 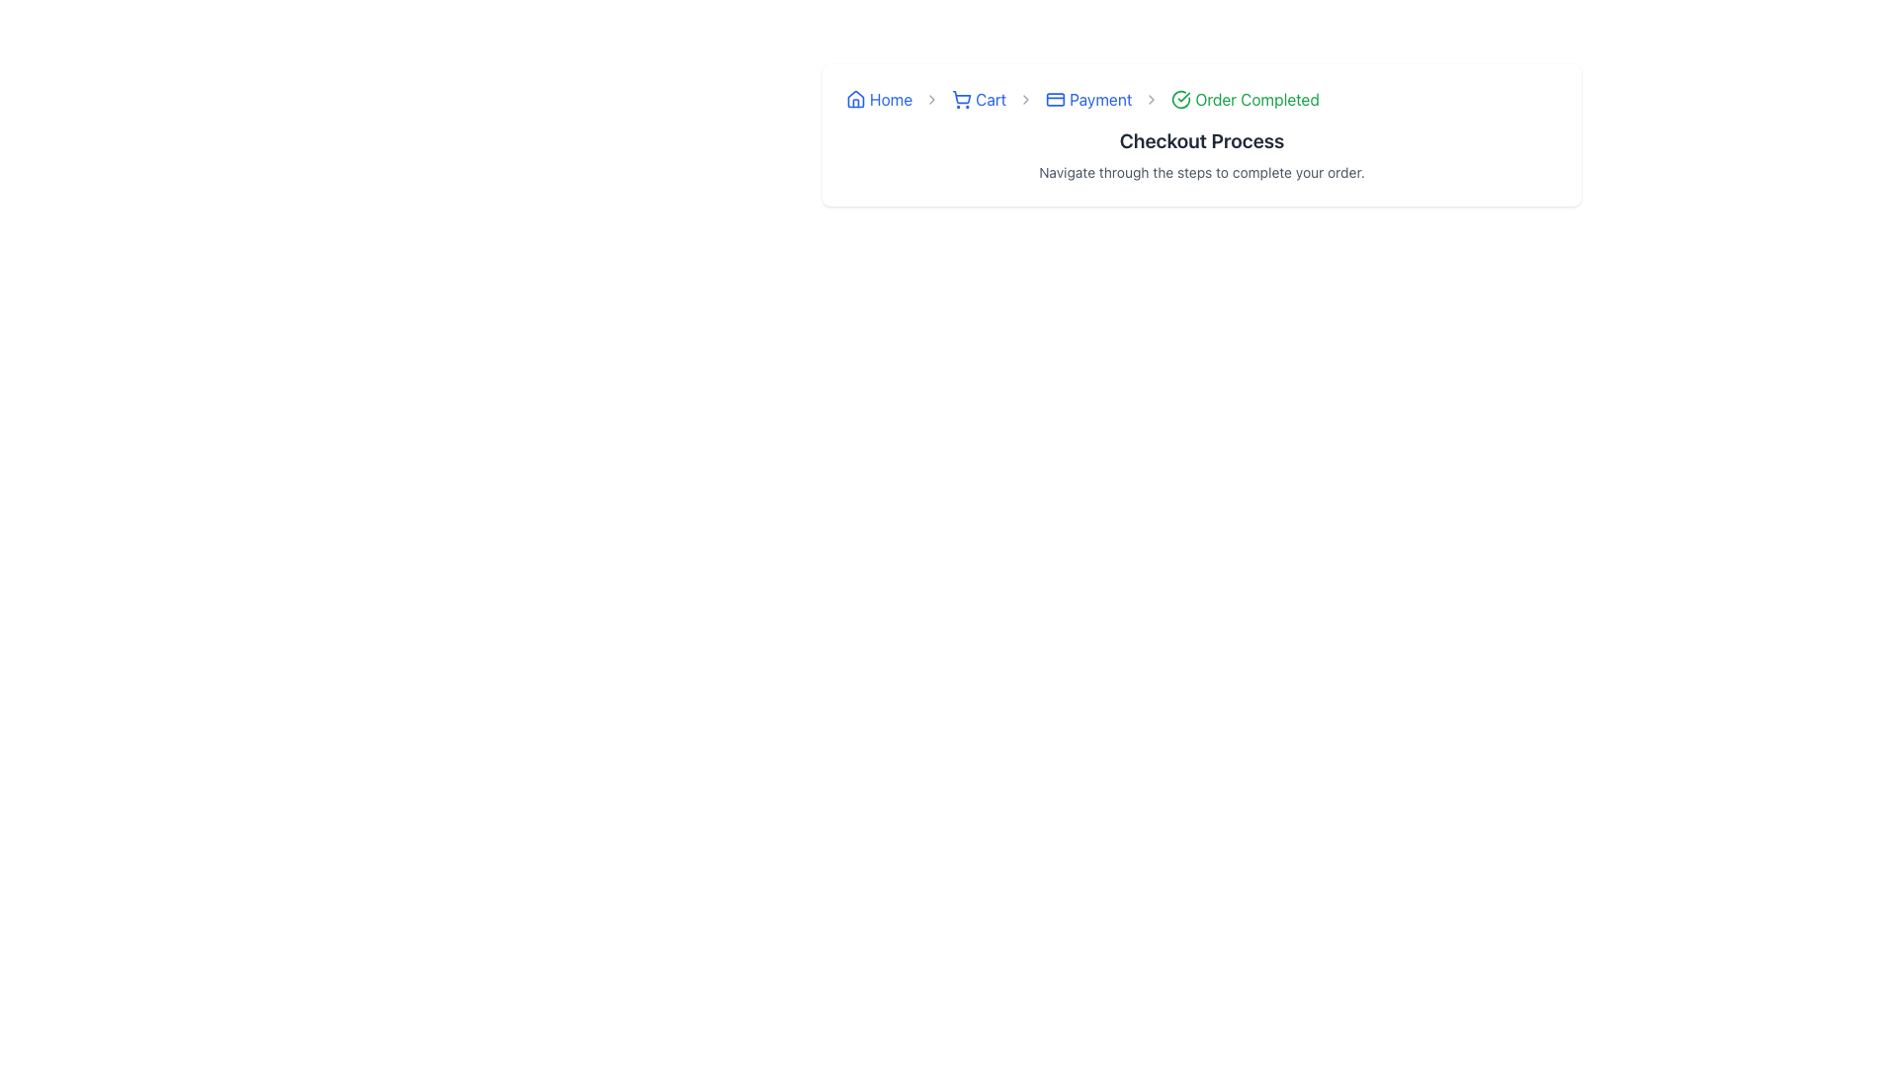 I want to click on the instructional text located beneath the 'Checkout Process' heading, which assists users in progressing through the process, so click(x=1200, y=171).